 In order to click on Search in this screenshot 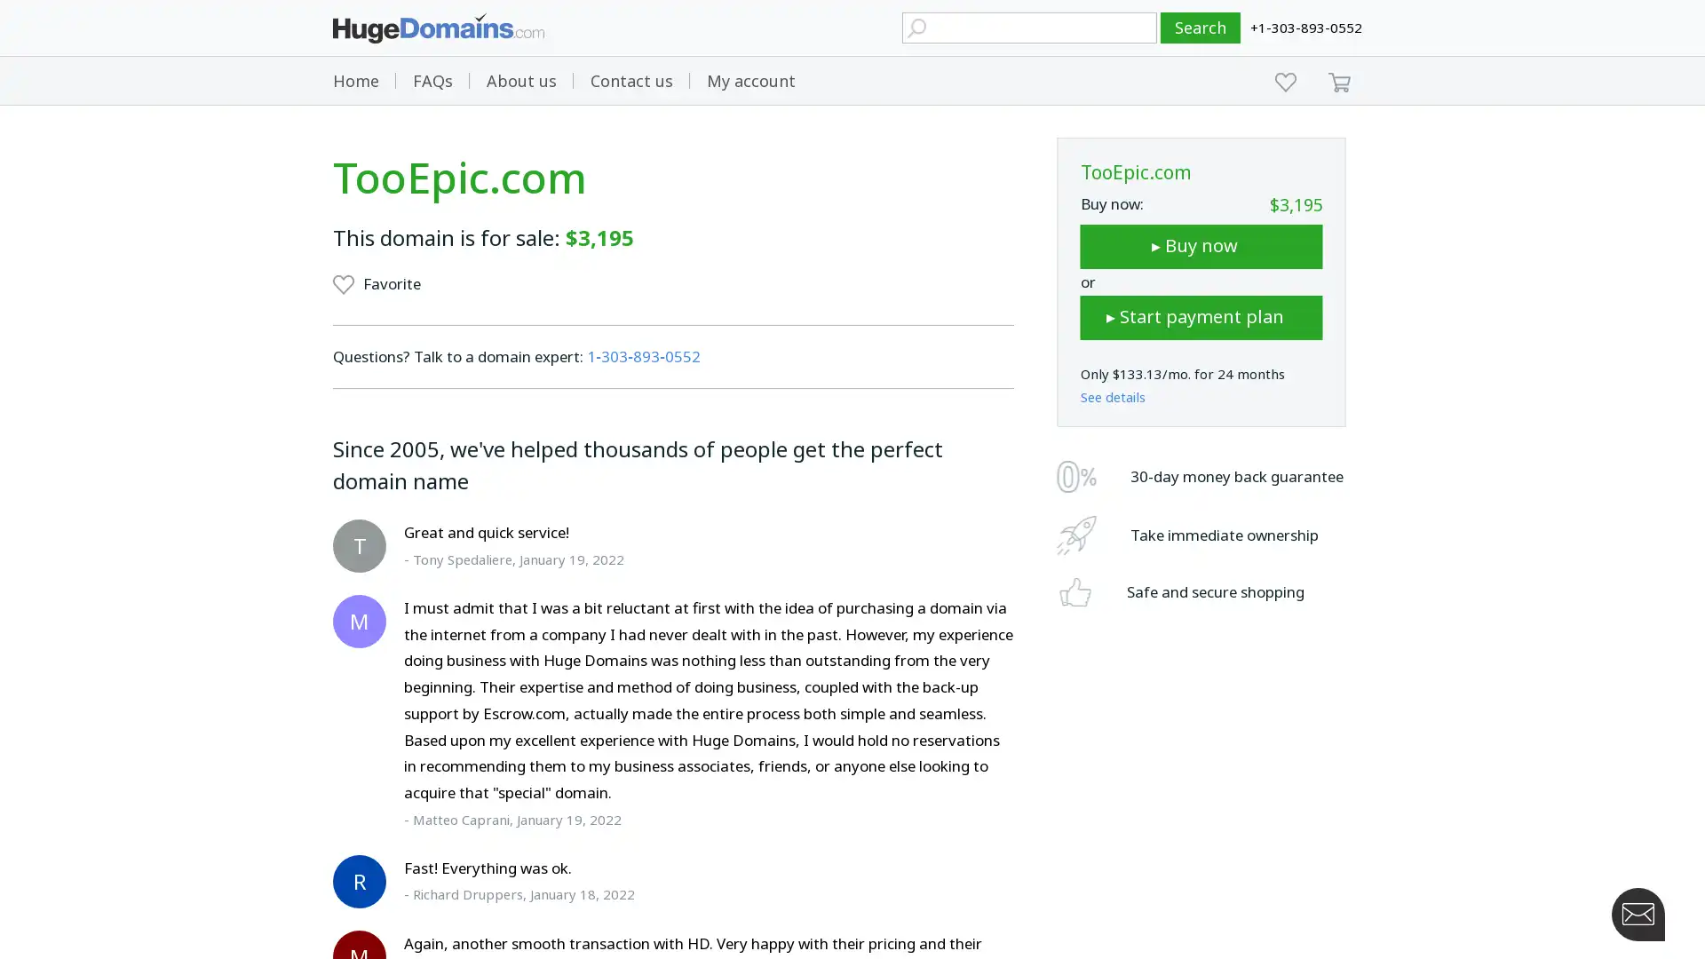, I will do `click(1201, 28)`.